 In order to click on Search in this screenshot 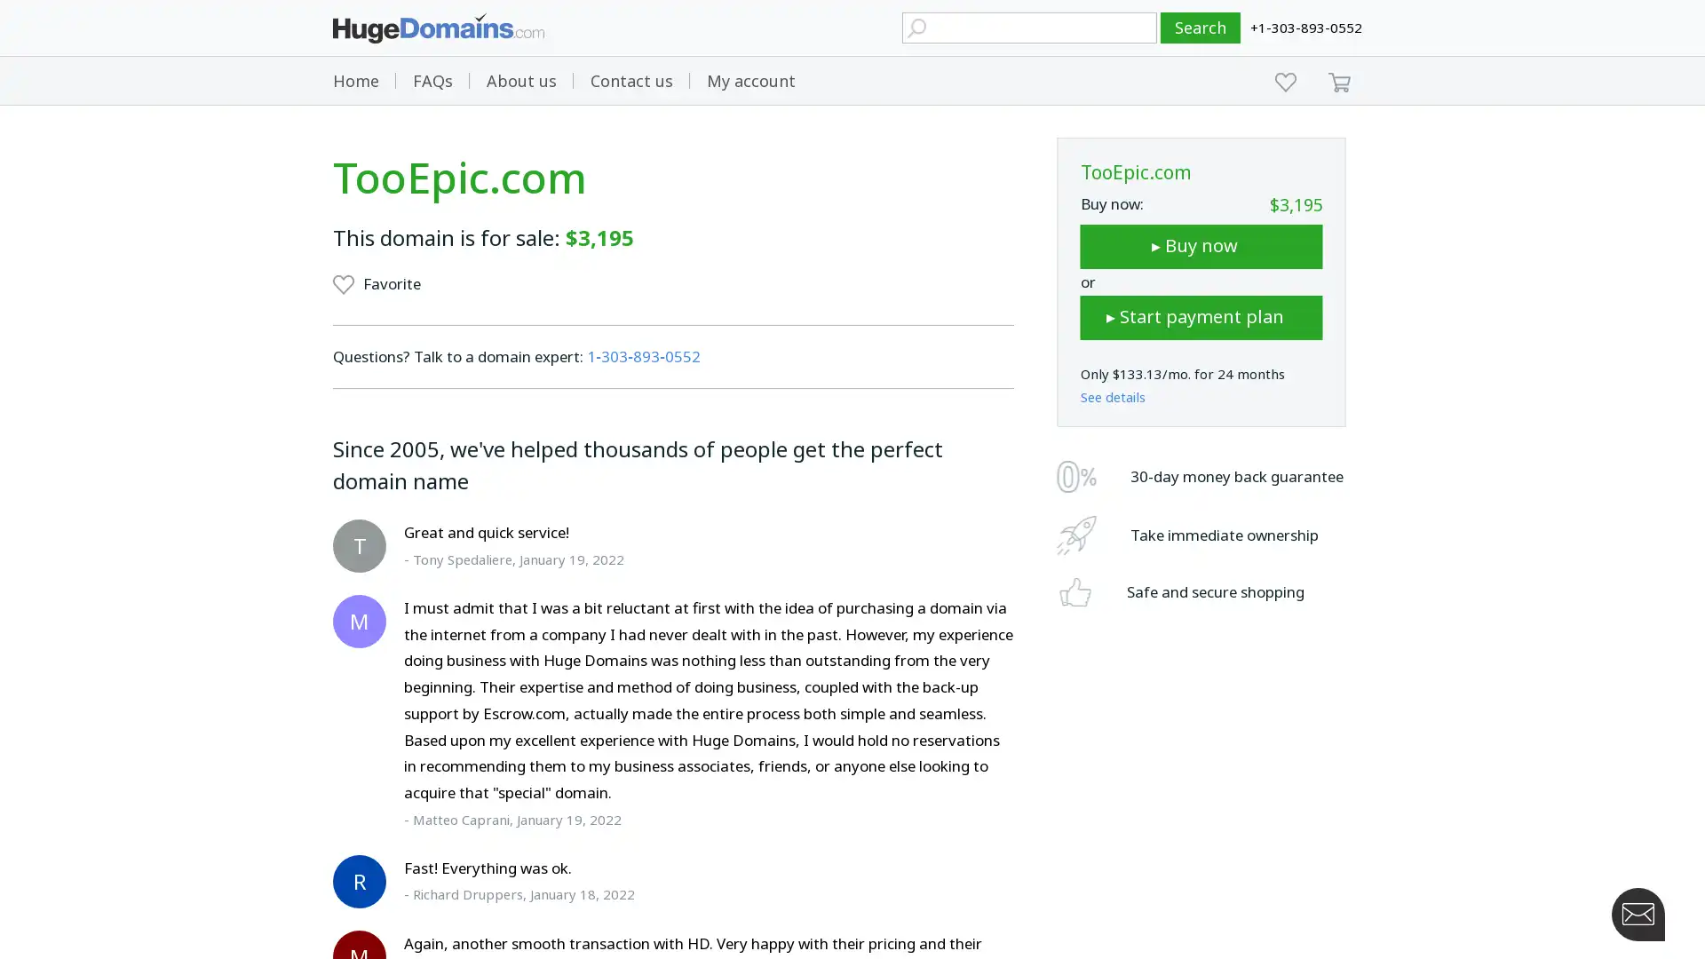, I will do `click(1201, 28)`.